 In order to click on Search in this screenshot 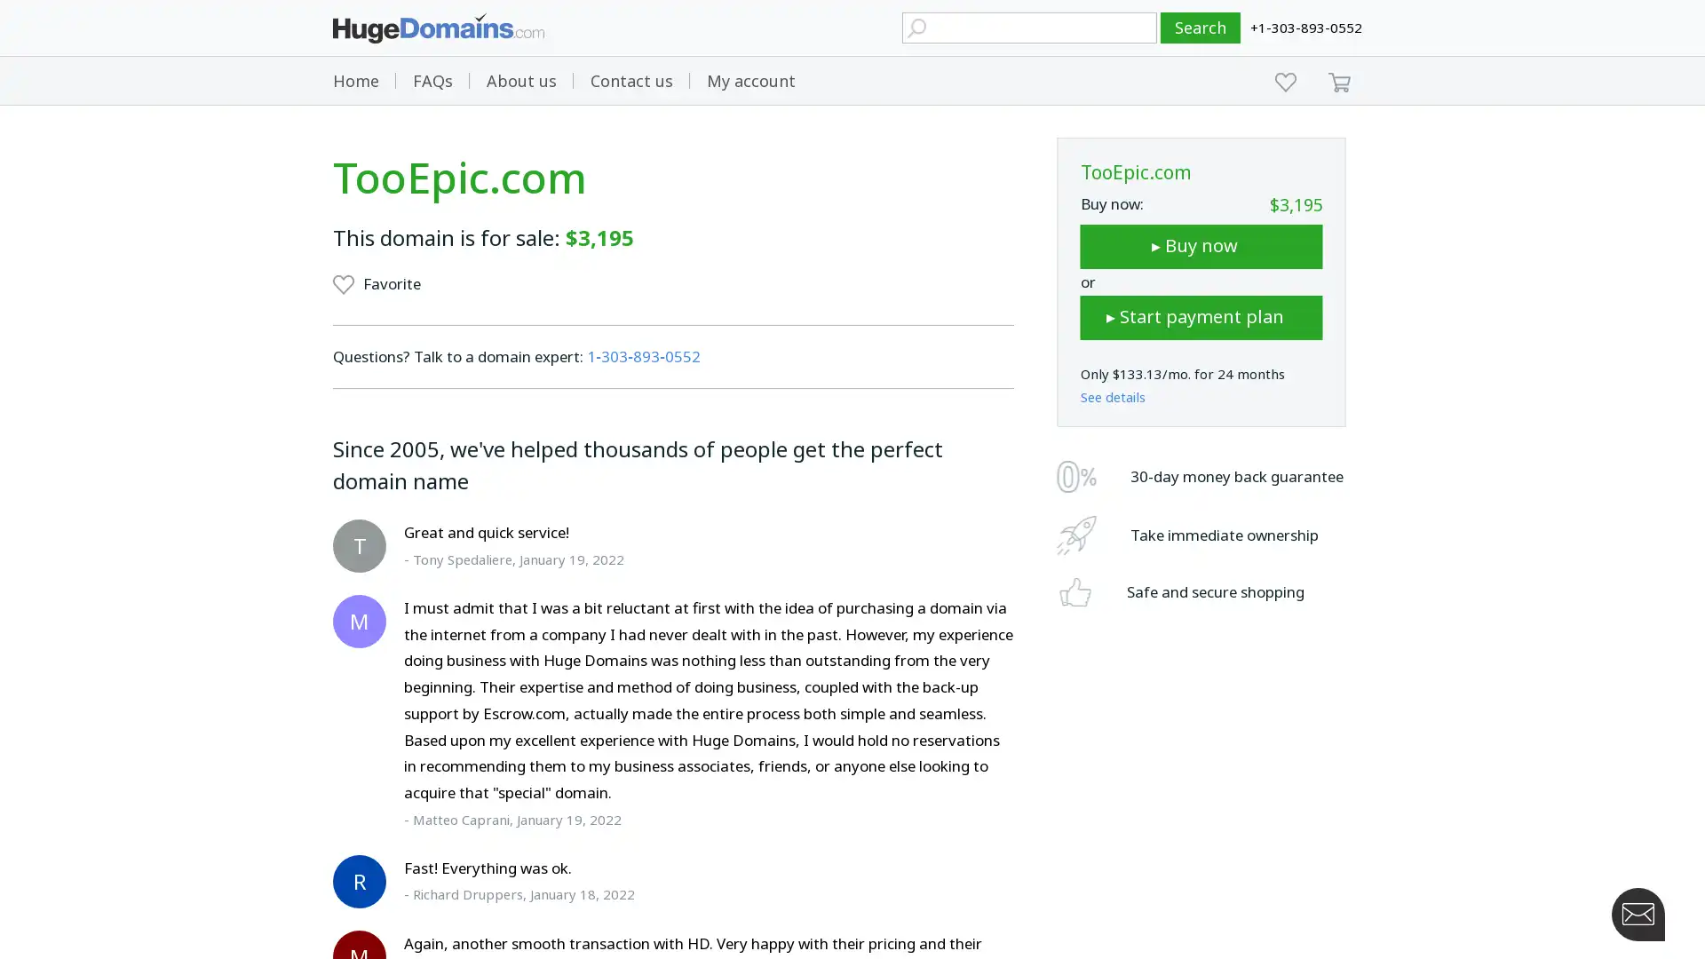, I will do `click(1201, 28)`.